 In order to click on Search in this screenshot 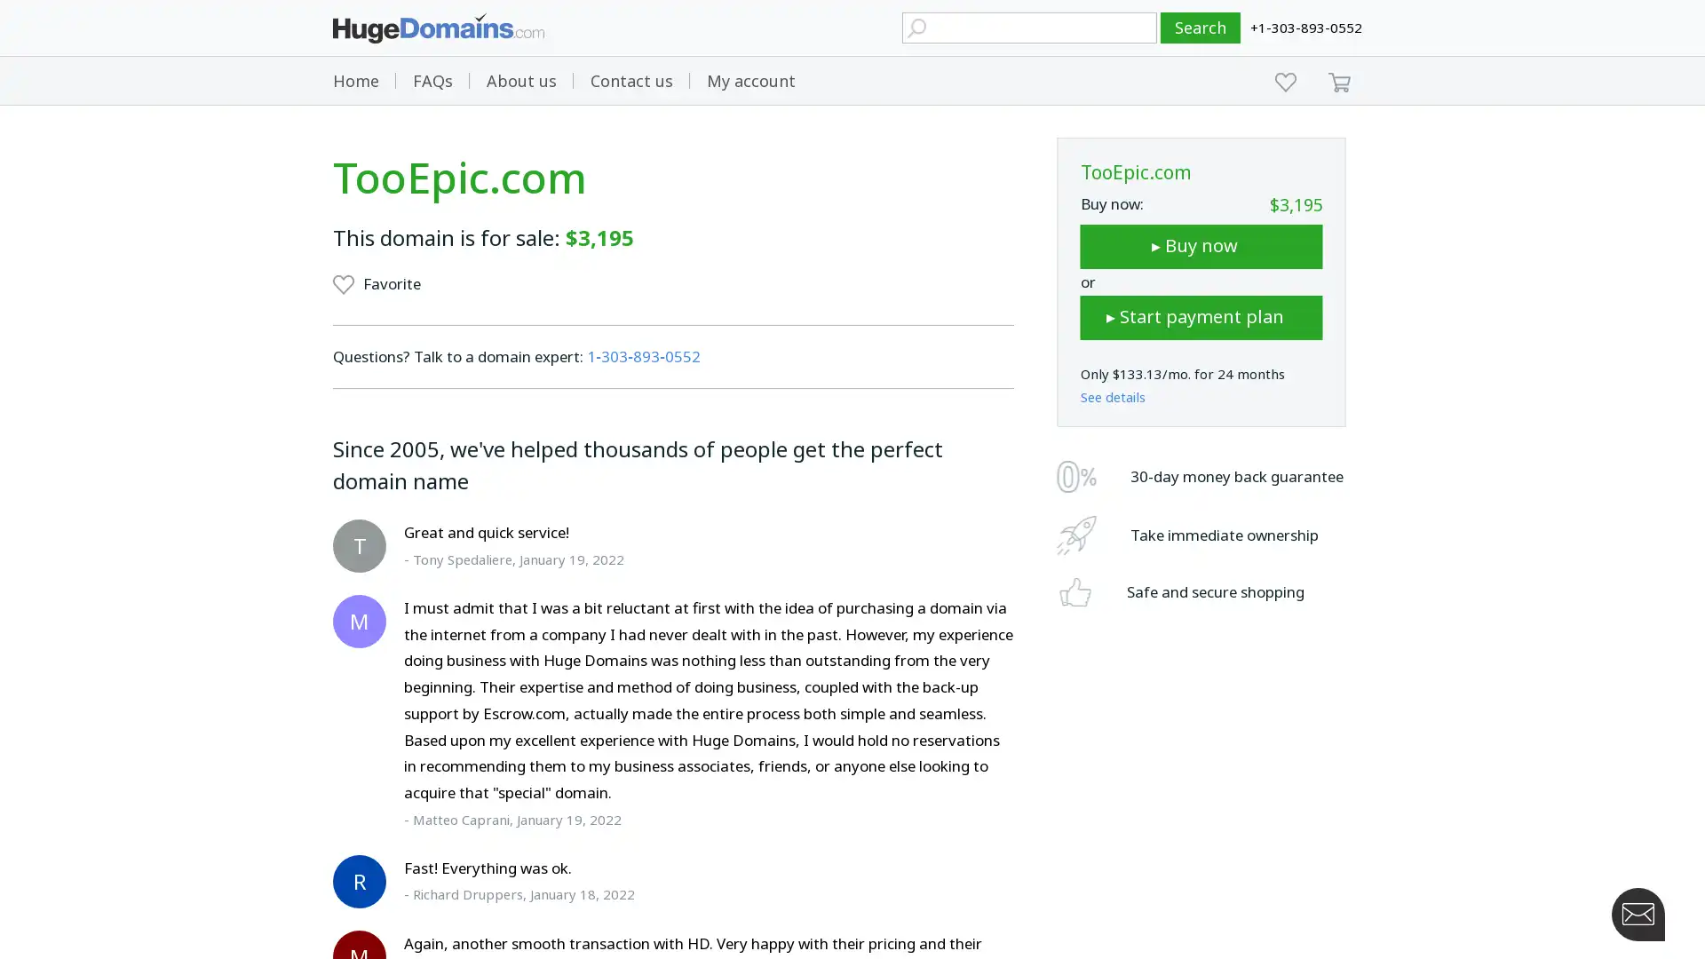, I will do `click(1201, 28)`.